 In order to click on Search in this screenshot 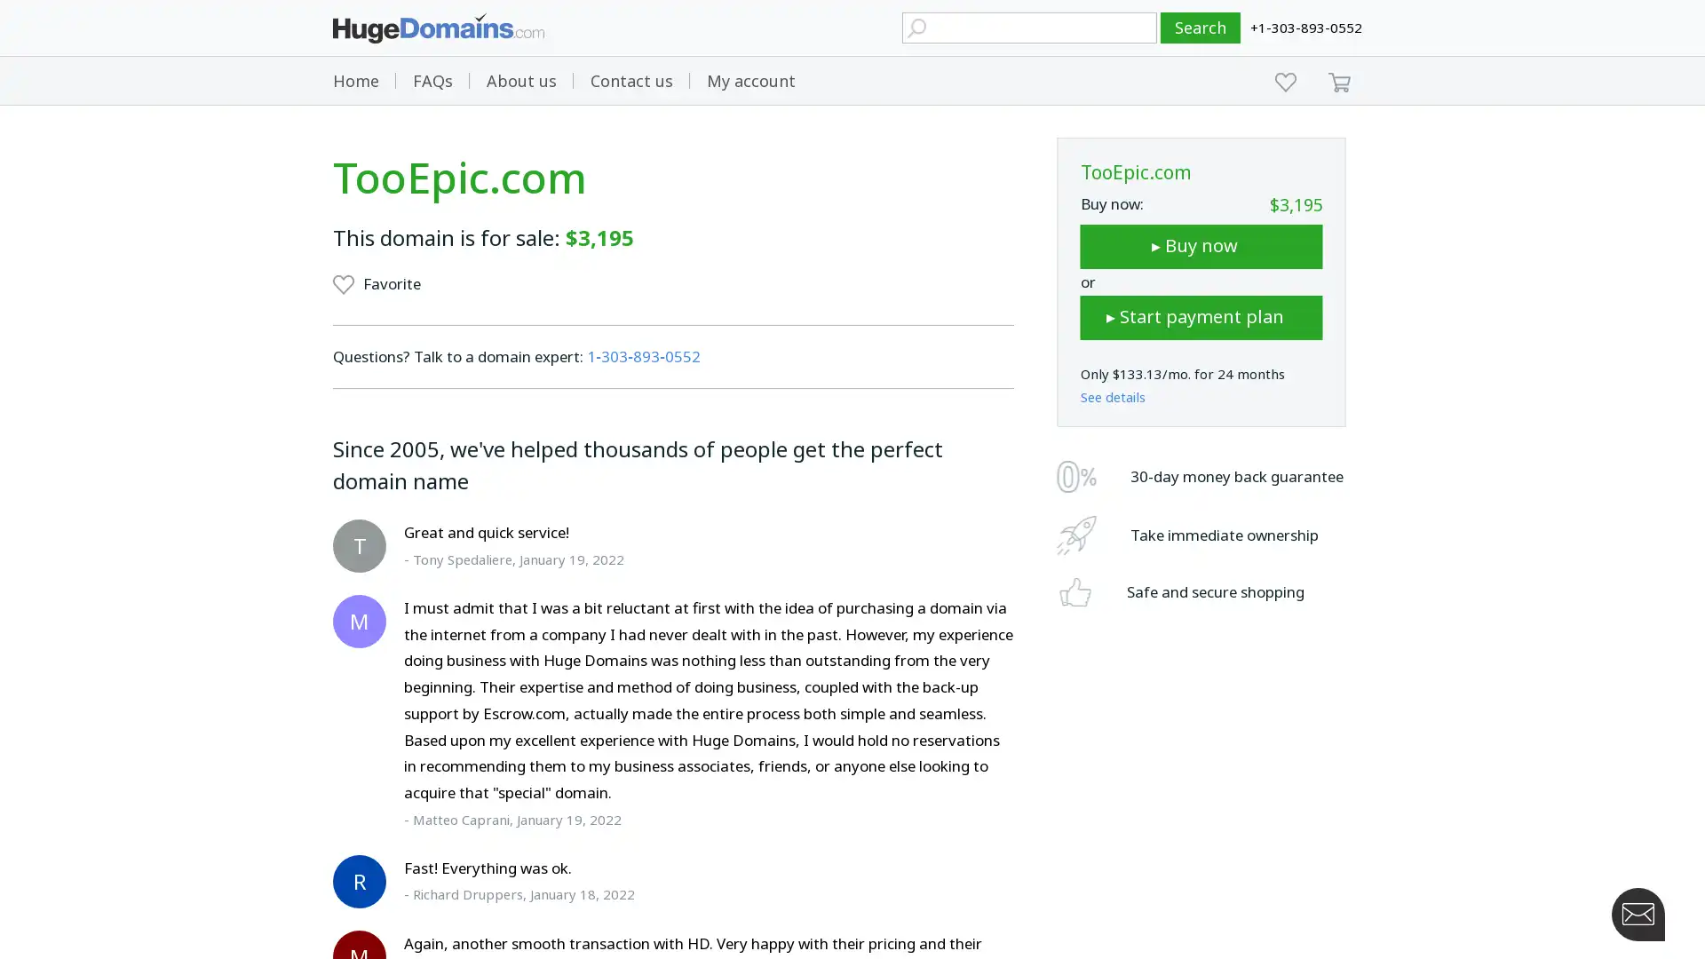, I will do `click(1201, 28)`.